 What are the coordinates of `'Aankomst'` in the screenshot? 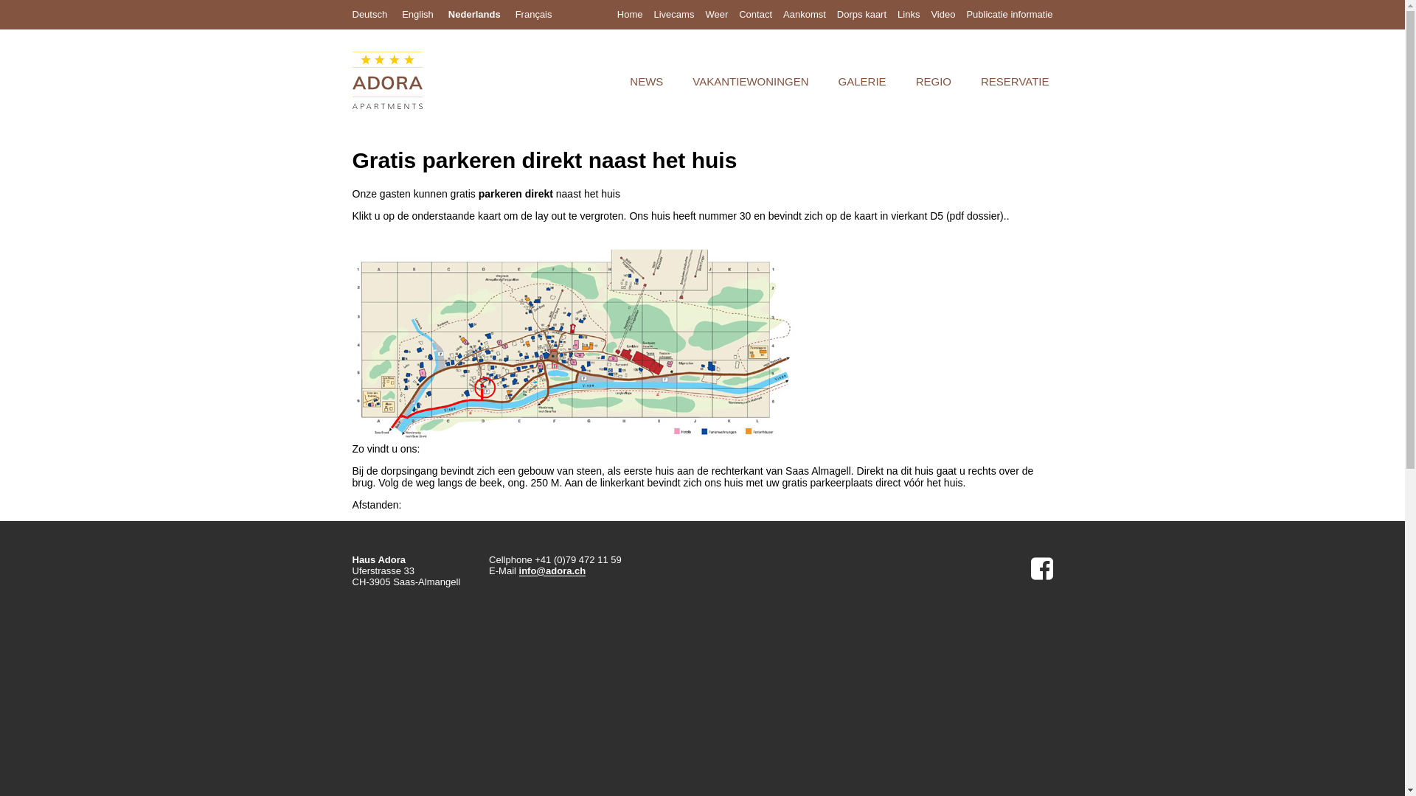 It's located at (803, 14).